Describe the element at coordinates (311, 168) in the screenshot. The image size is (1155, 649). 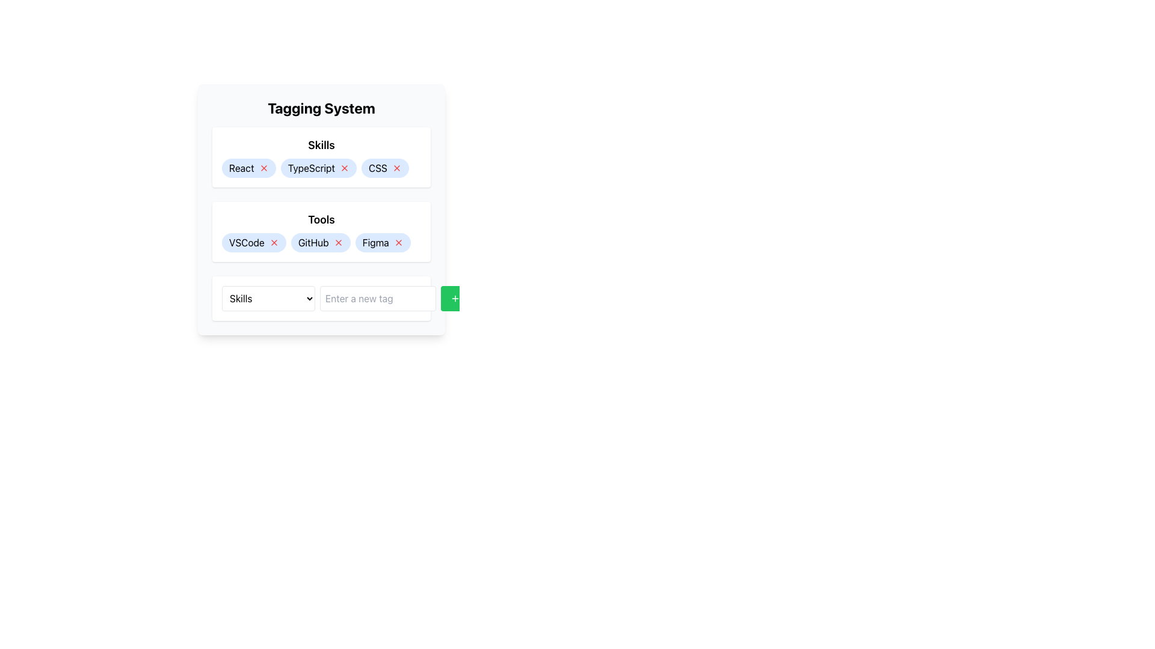
I see `the remove button ('x') adjacent to the 'TypeScript' text label located in the 'Skills' section` at that location.